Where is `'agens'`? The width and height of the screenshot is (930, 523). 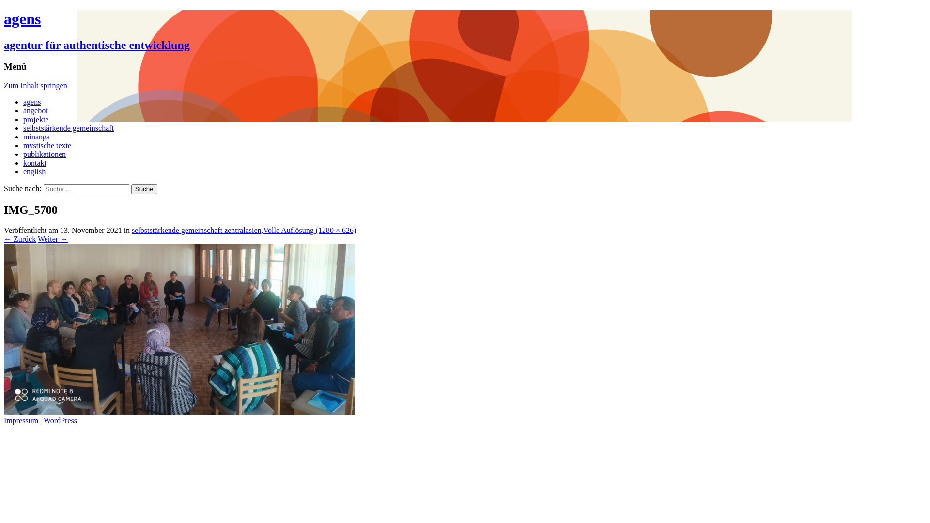 'agens' is located at coordinates (32, 102).